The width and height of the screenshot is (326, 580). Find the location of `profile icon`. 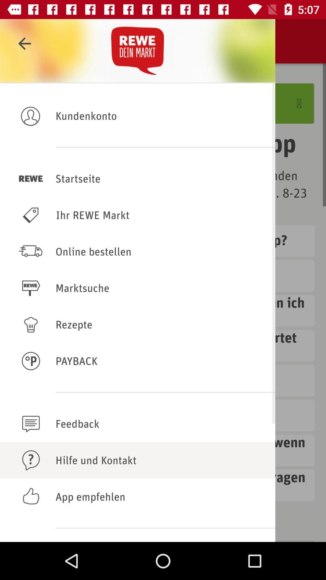

profile icon is located at coordinates (31, 116).